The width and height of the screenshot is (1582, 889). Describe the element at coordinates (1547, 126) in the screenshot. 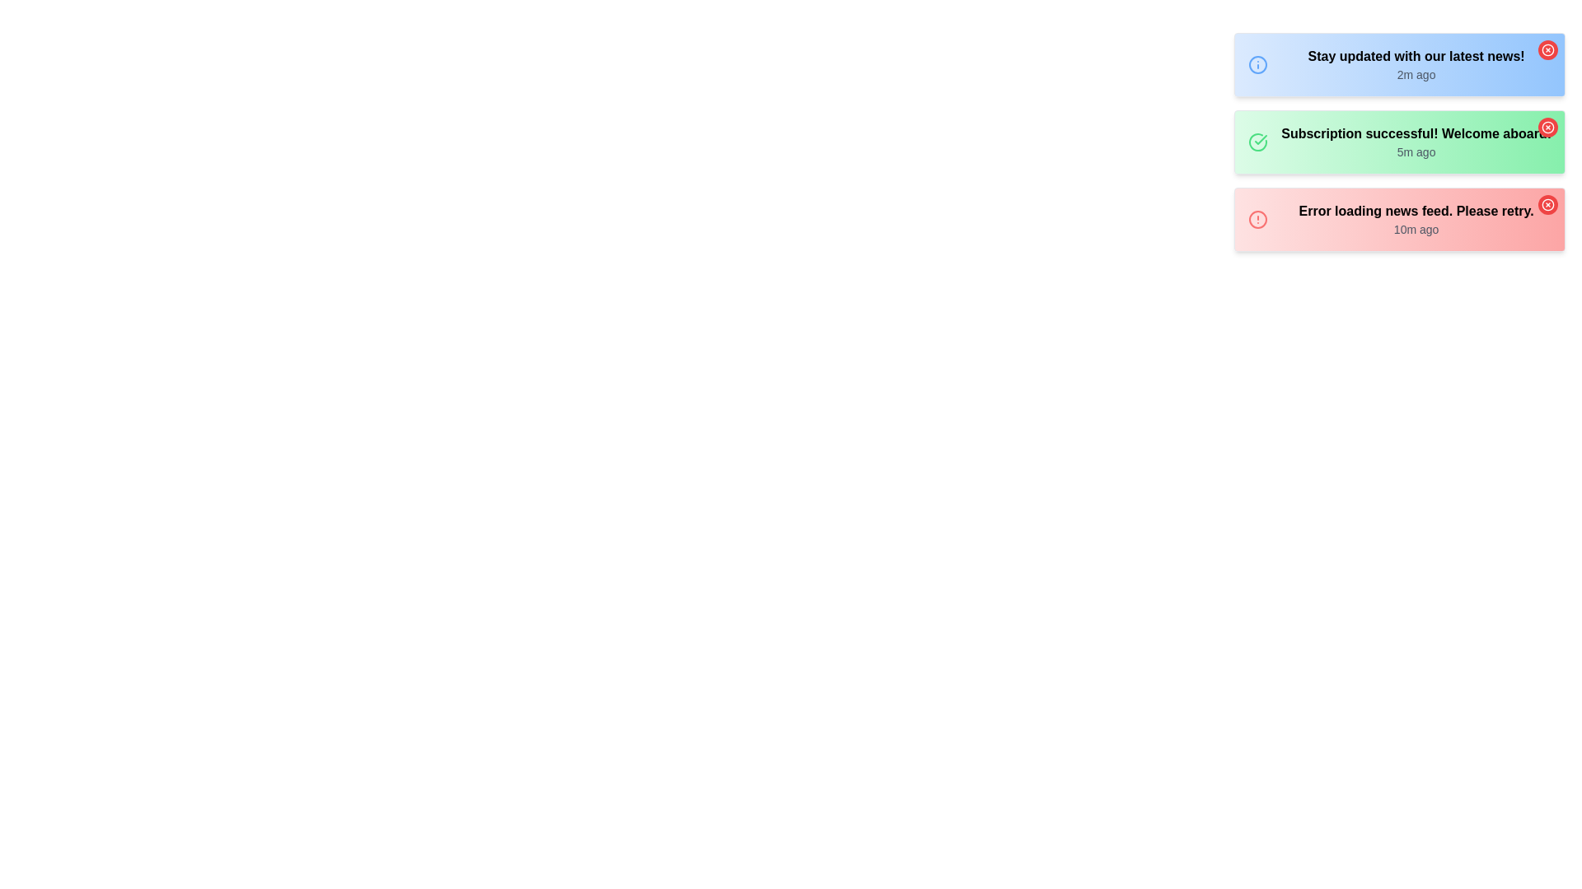

I see `the central circular component of the dismissal icon within the green notification entry, which is a vector graphic styled with a thin line stroke` at that location.